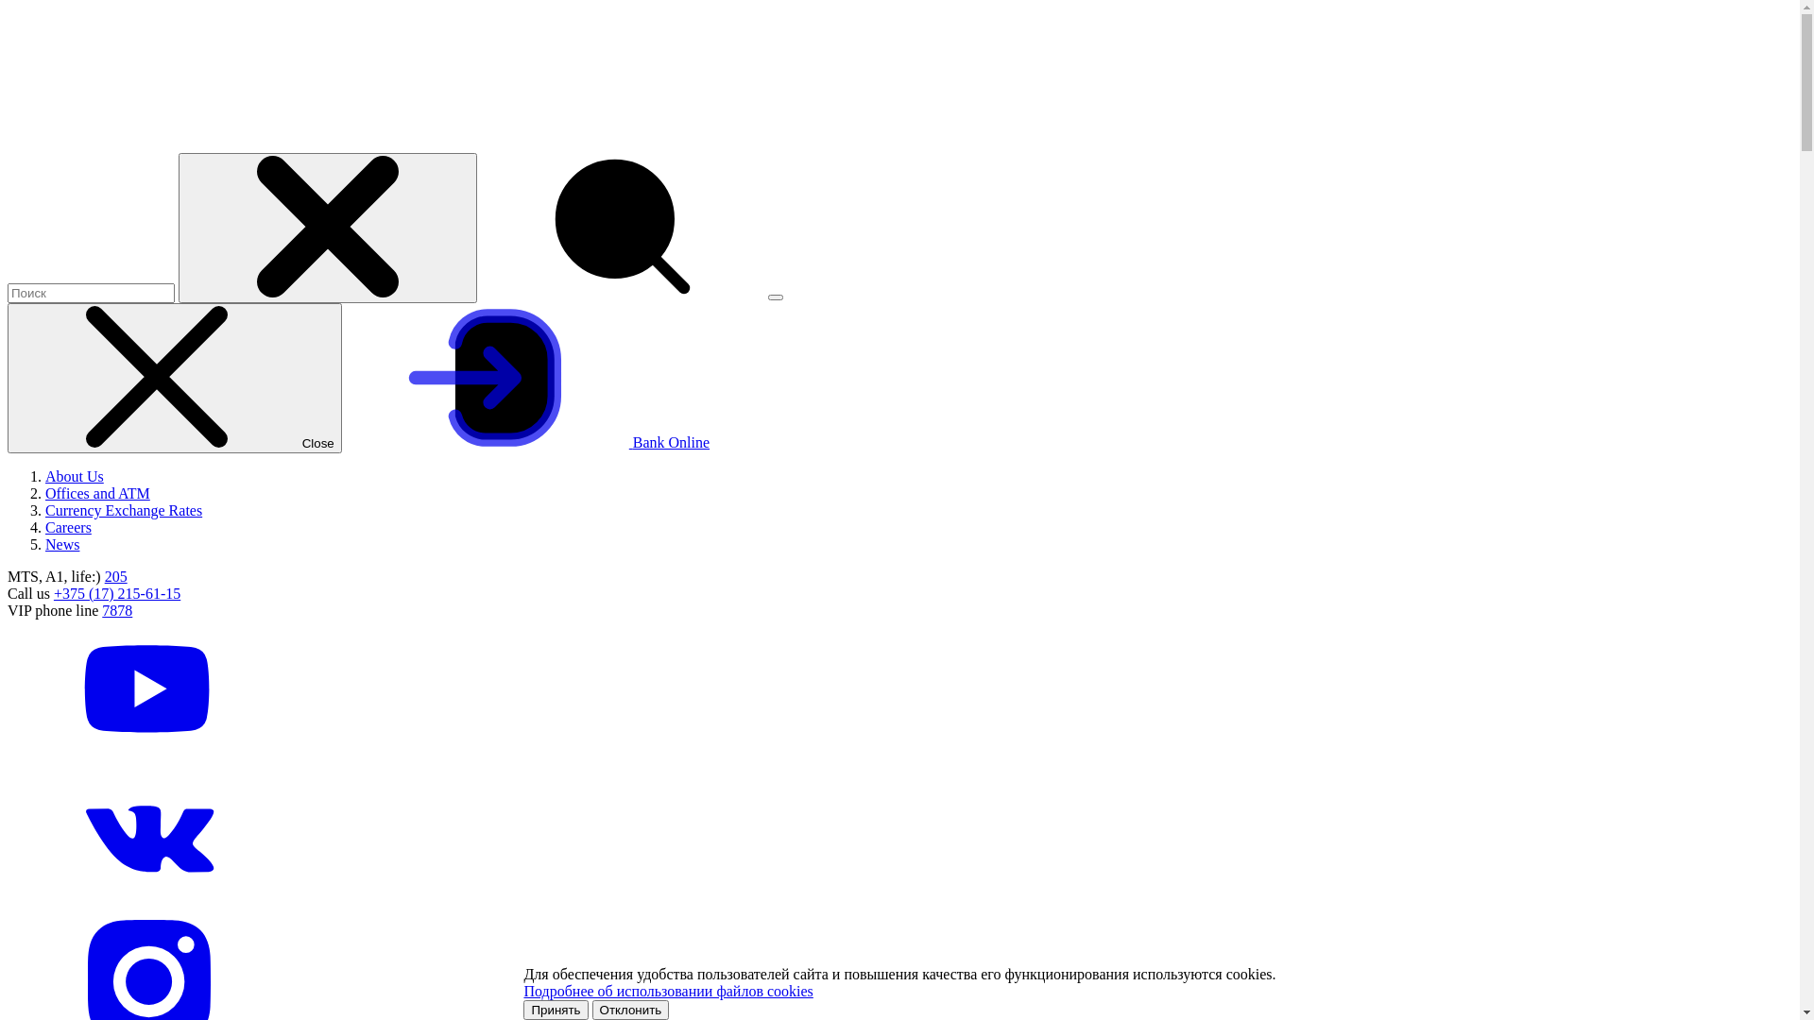 This screenshot has width=1814, height=1020. What do you see at coordinates (527, 442) in the screenshot?
I see `'Bank Online'` at bounding box center [527, 442].